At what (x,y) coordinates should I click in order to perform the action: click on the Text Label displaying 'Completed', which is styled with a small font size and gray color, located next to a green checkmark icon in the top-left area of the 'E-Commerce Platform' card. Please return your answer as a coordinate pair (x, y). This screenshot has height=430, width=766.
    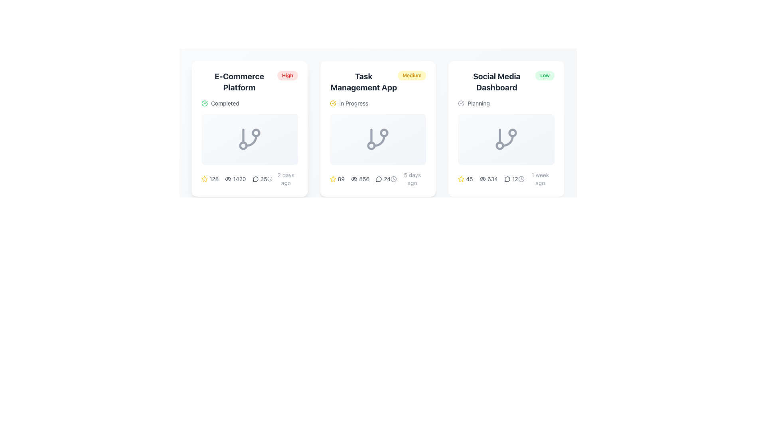
    Looking at the image, I should click on (225, 103).